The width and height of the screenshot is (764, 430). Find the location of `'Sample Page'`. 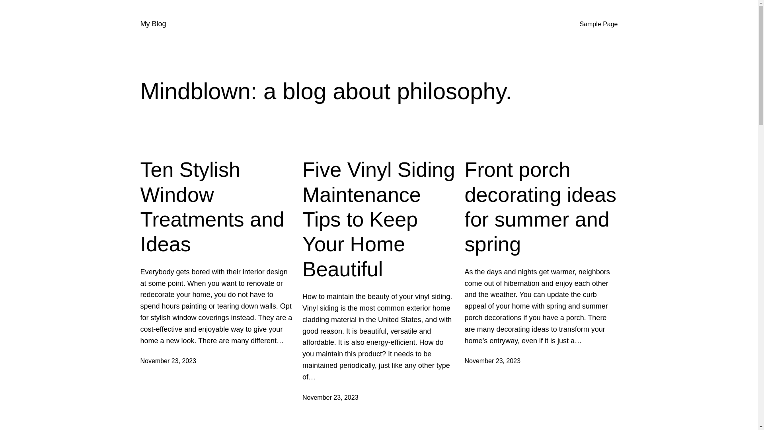

'Sample Page' is located at coordinates (598, 24).